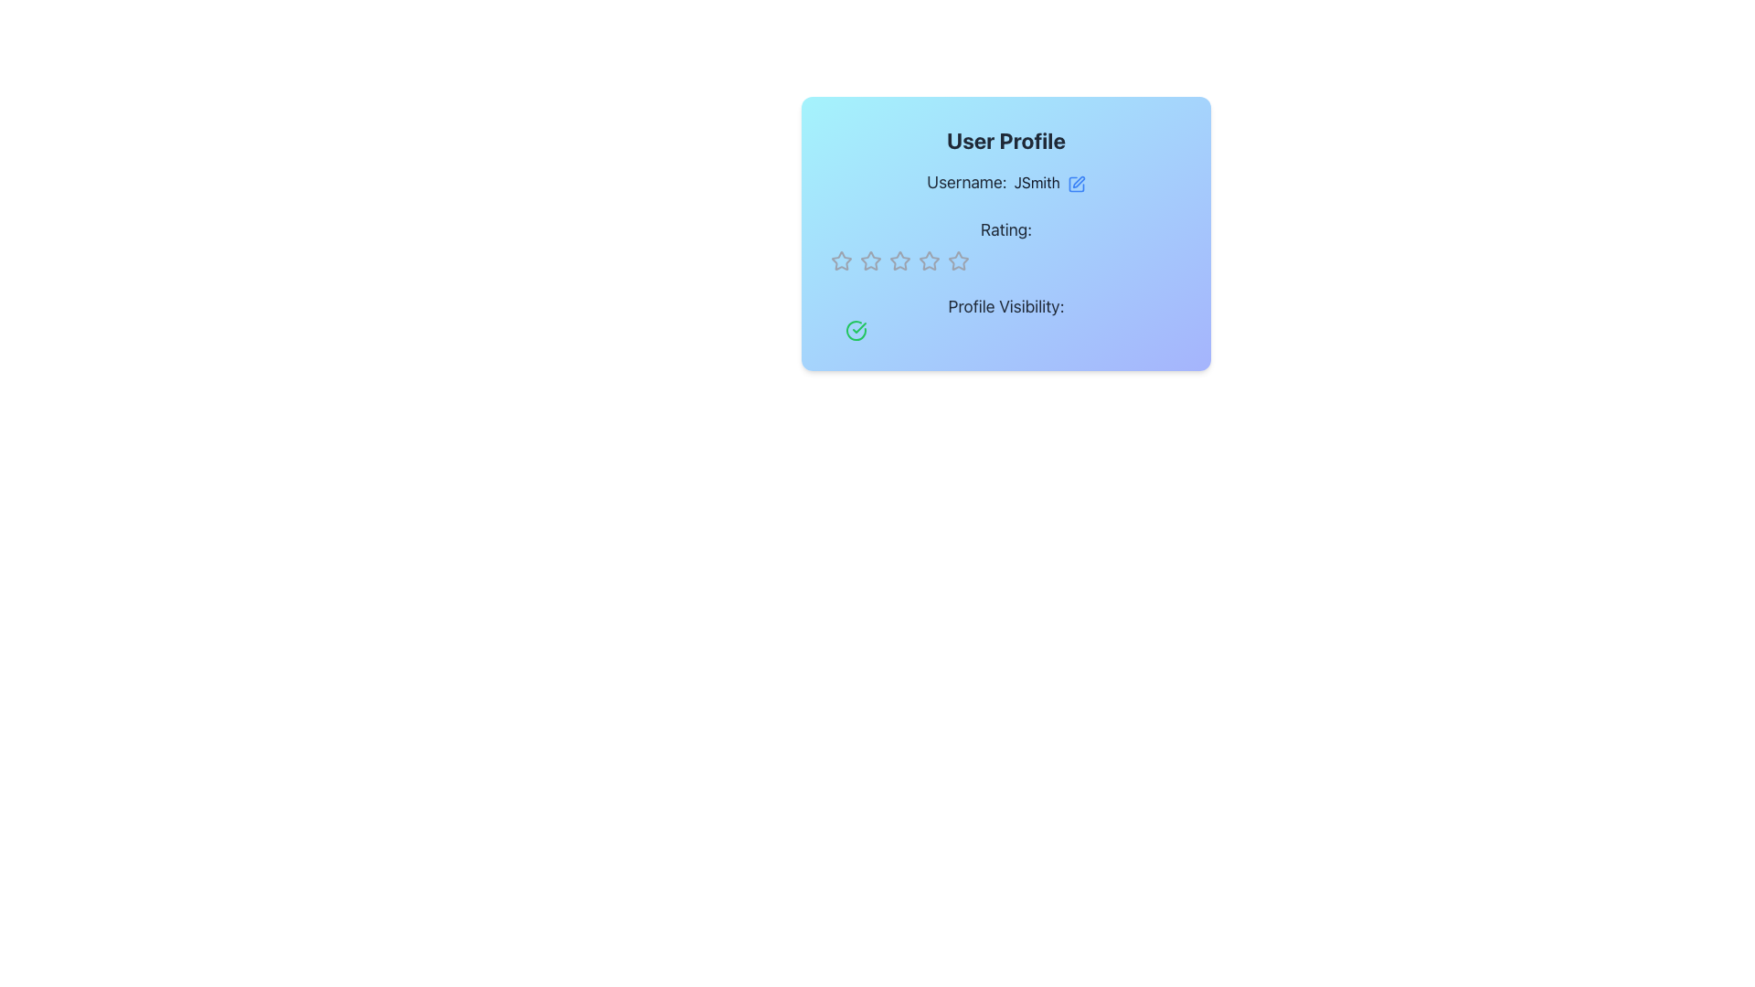  Describe the element at coordinates (1005, 228) in the screenshot. I see `the Text Label indicating the purpose of the star rating system in the User Profile card component, which is positioned above the star icons and below the username display` at that location.